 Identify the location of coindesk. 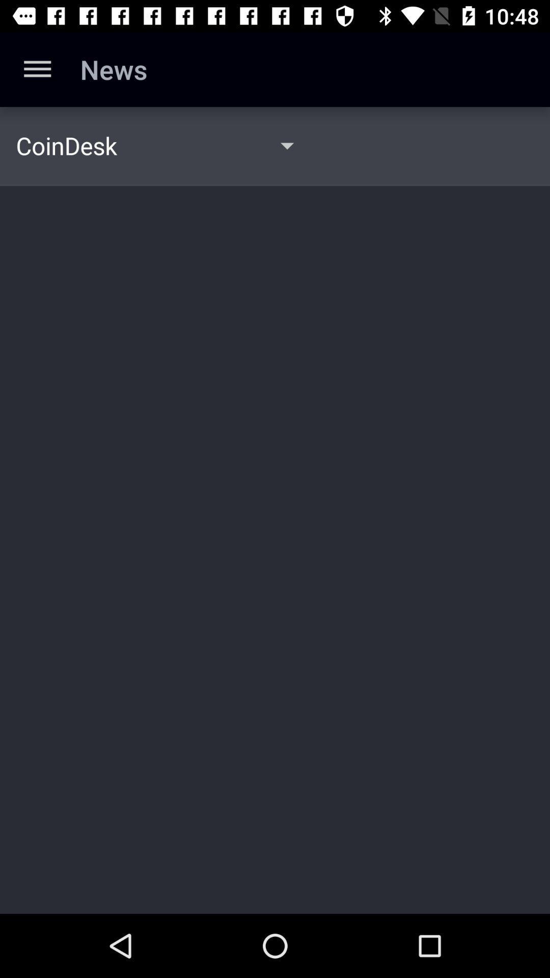
(66, 145).